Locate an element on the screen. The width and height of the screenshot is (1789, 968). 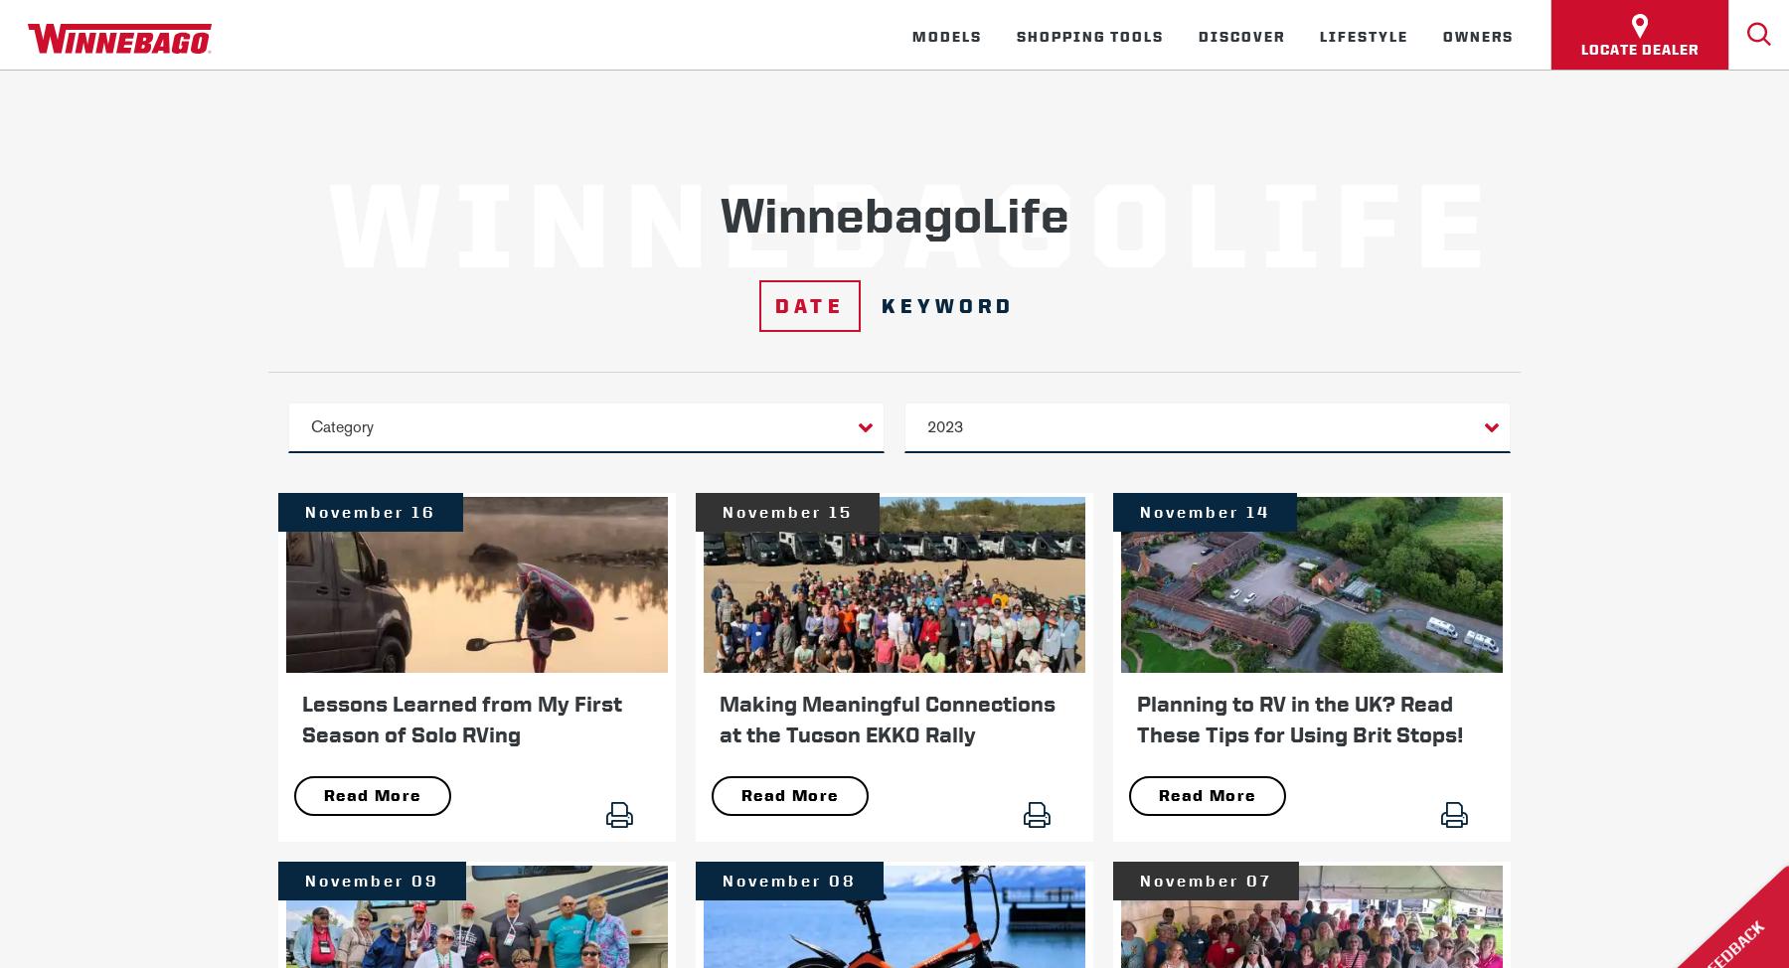
'Discover' is located at coordinates (1240, 36).